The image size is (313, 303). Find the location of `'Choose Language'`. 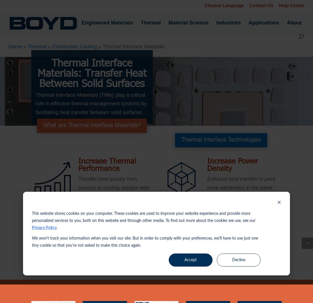

'Choose Language' is located at coordinates (224, 5).